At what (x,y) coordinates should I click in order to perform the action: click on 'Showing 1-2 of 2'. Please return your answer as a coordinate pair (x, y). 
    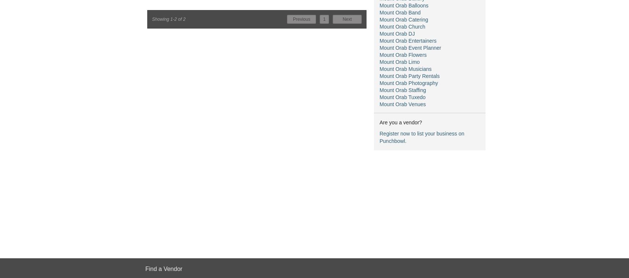
    Looking at the image, I should click on (168, 19).